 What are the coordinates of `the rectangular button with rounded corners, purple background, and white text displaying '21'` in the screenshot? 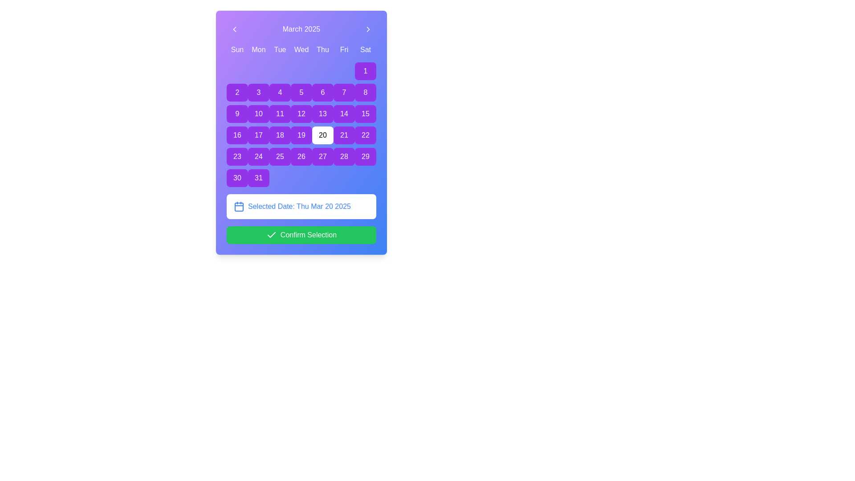 It's located at (343, 135).